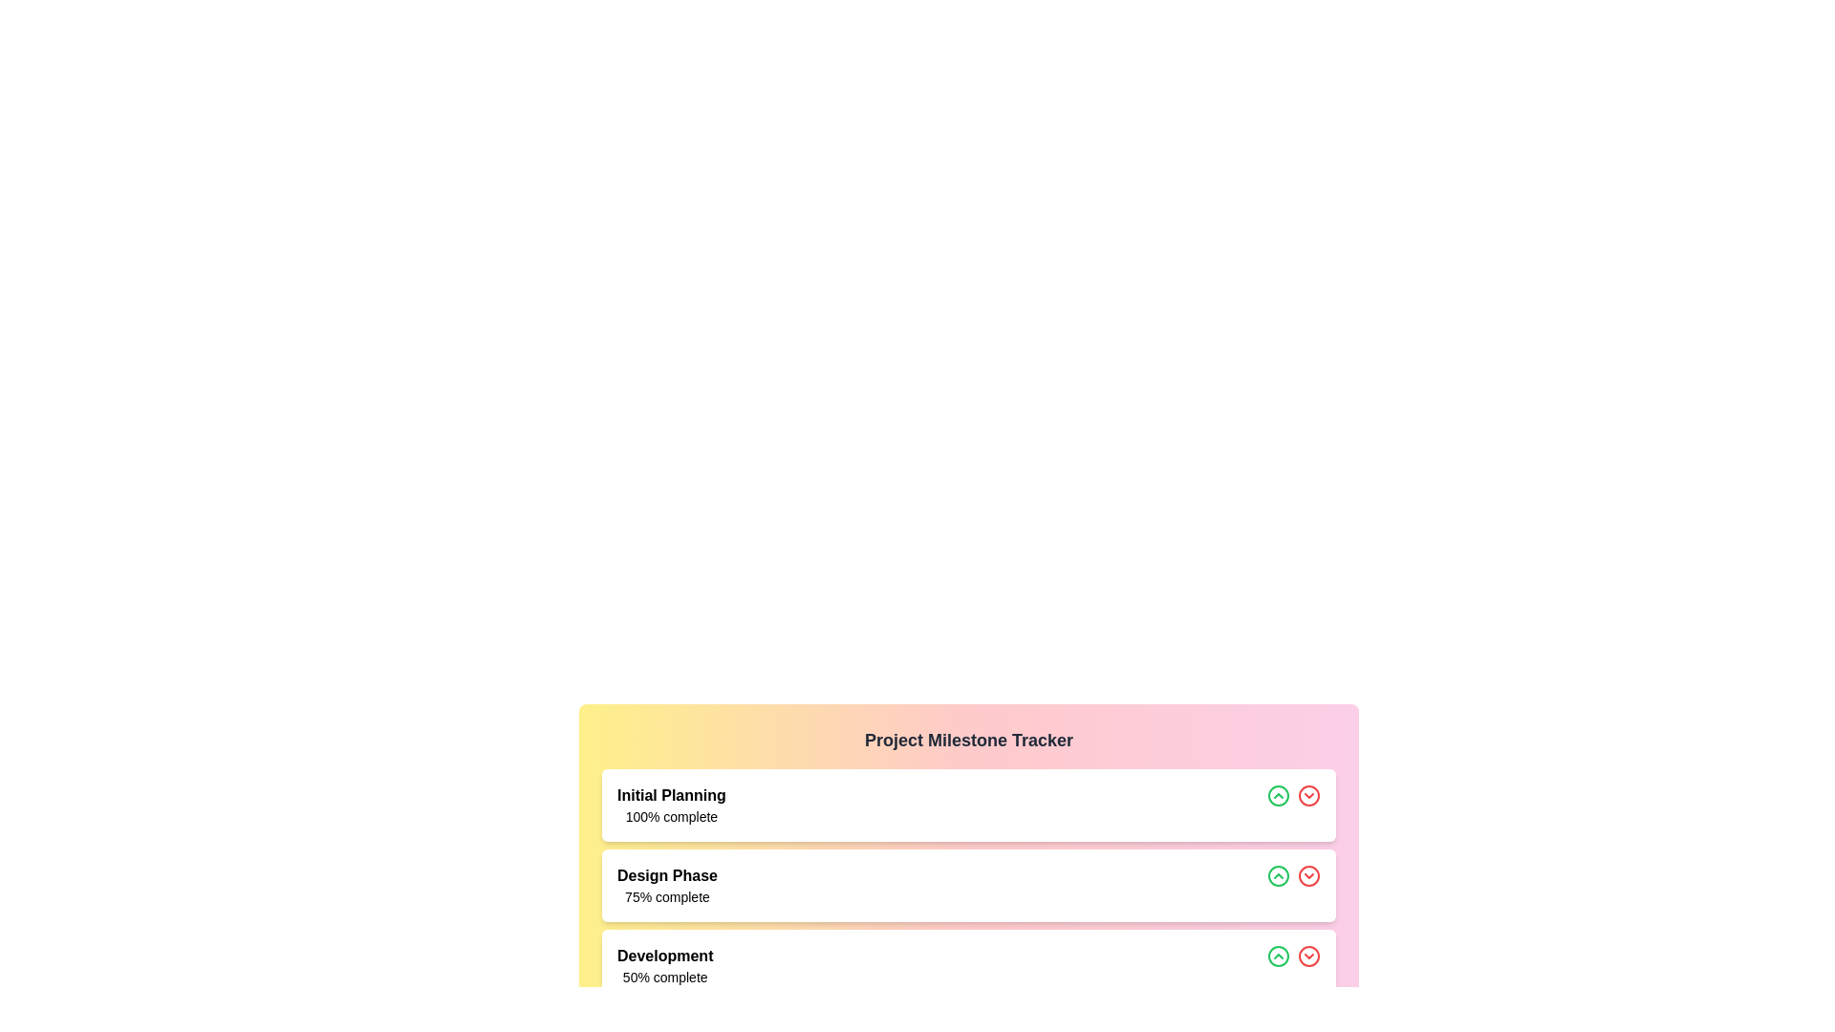 The height and width of the screenshot is (1032, 1835). What do you see at coordinates (667, 885) in the screenshot?
I see `the text content of the milestone stage component labeled 'Design Phase', which indicates '75% complete', located in the second row of the project milestone tracker` at bounding box center [667, 885].